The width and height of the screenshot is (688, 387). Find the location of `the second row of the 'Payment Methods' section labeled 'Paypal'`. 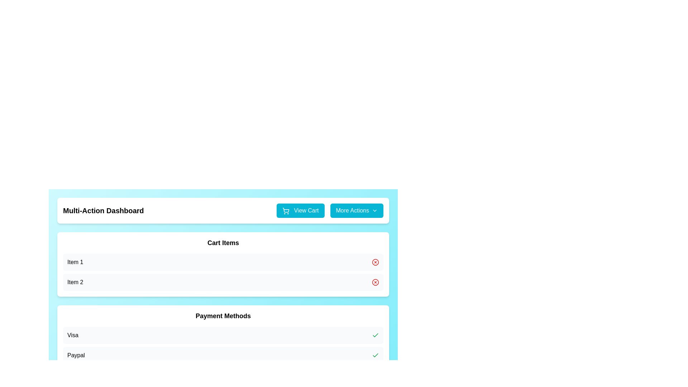

the second row of the 'Payment Methods' section labeled 'Paypal' is located at coordinates (223, 345).